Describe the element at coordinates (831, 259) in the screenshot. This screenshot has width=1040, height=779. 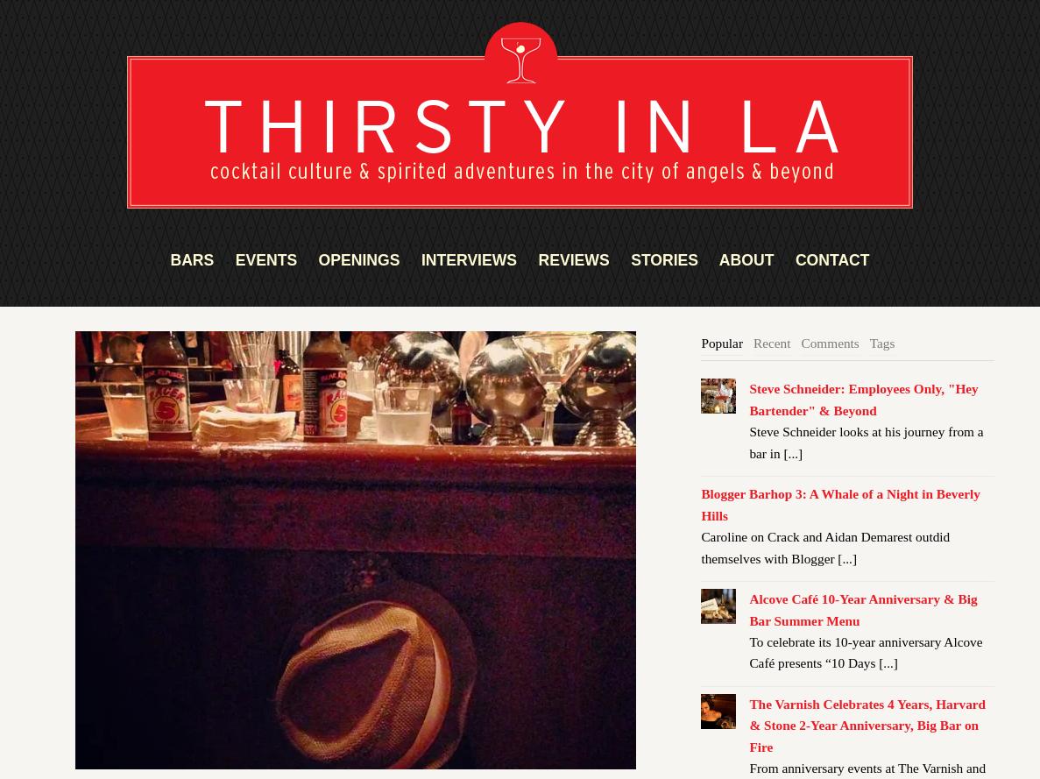
I see `'CONTACT'` at that location.